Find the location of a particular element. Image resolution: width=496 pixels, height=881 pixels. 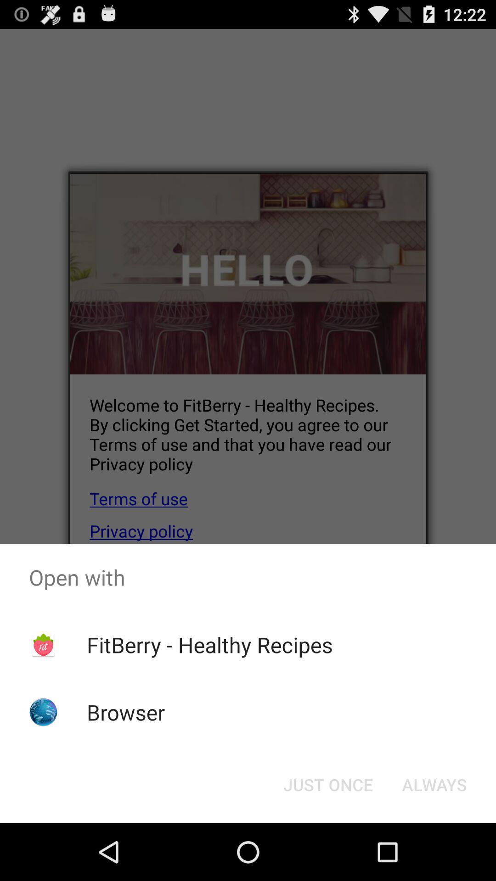

fitberry - healthy recipes is located at coordinates (209, 644).